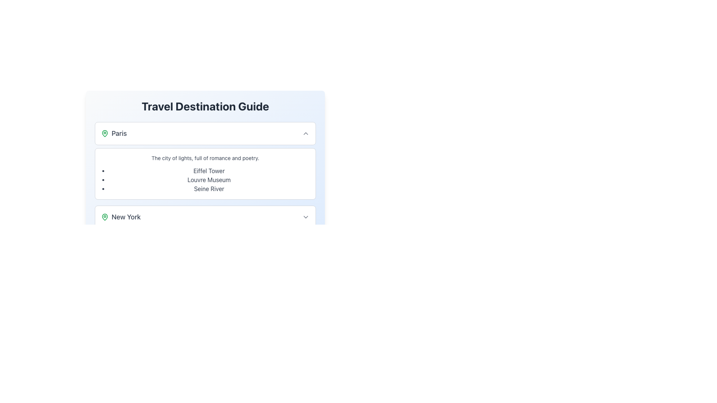 This screenshot has height=403, width=717. I want to click on the Informational panel that displays travel destination information, located centrally under the 'Travel Destination Guide' title, so click(205, 152).